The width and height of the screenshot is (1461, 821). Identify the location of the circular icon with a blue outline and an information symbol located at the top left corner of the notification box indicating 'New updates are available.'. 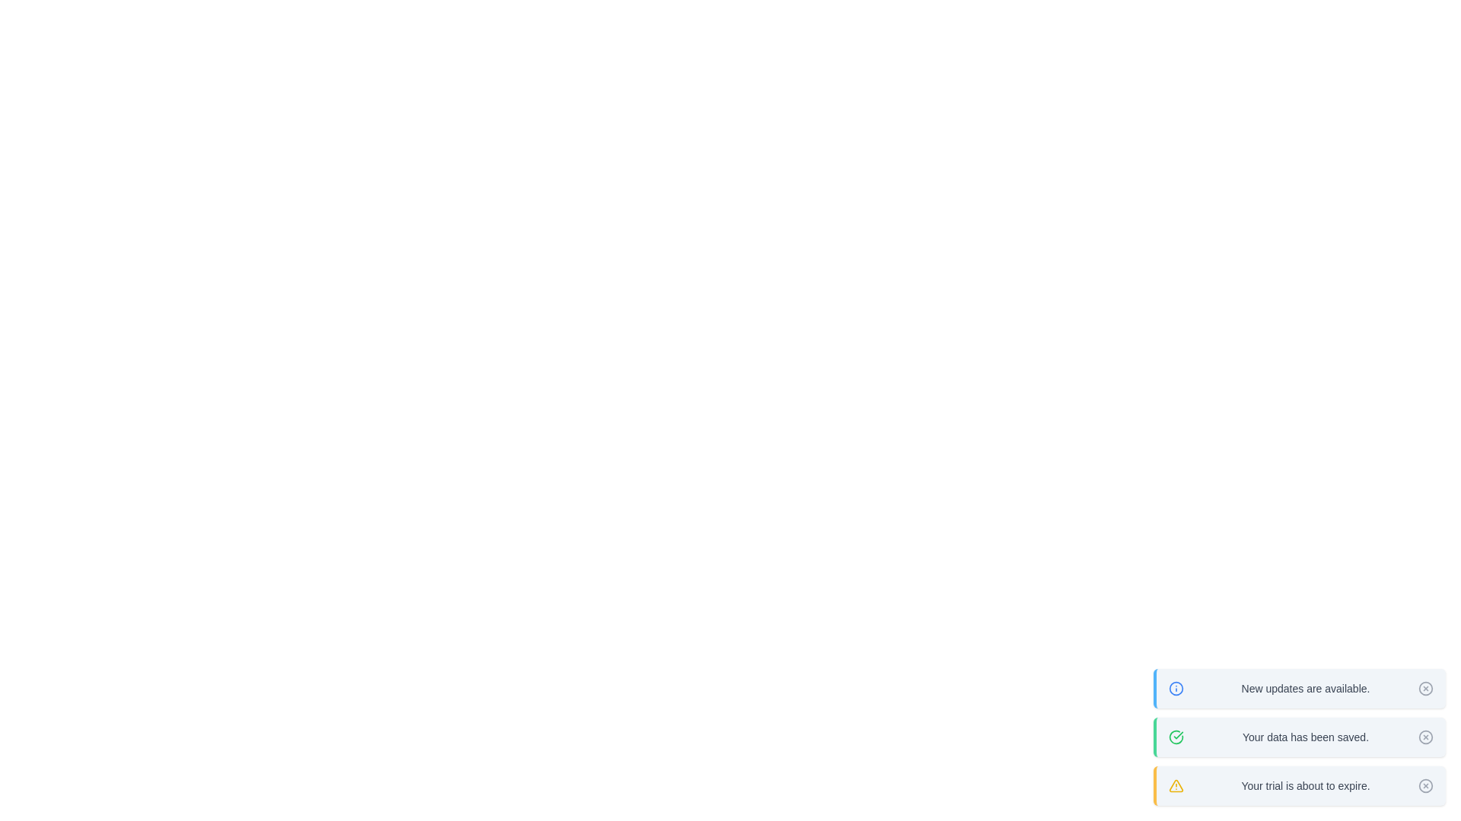
(1175, 689).